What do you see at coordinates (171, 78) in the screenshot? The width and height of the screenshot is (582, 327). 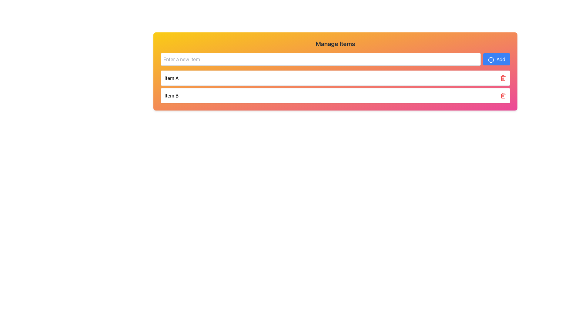 I see `the Text Label that describes the first item in the list, positioned above 'Item B'` at bounding box center [171, 78].